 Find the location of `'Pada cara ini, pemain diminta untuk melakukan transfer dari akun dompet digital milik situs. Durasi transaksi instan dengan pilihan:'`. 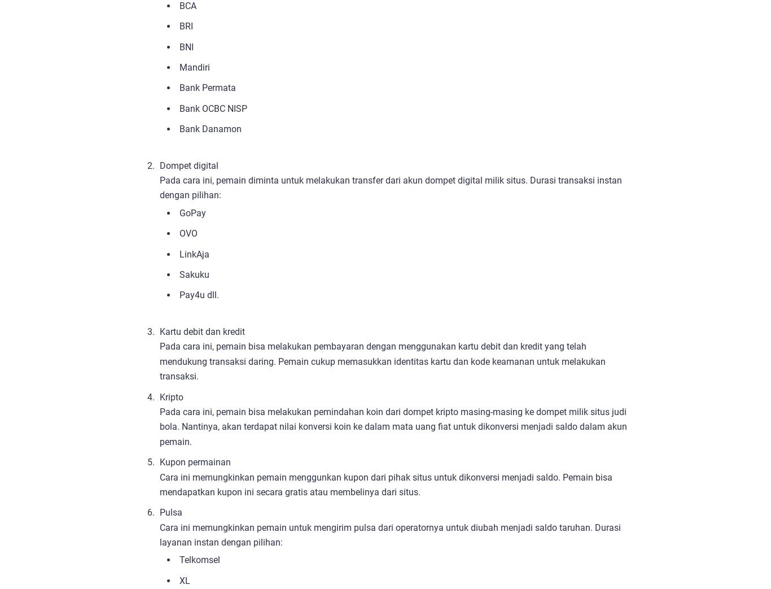

'Pada cara ini, pemain diminta untuk melakukan transfer dari akun dompet digital milik situs. Durasi transaksi instan dengan pilihan:' is located at coordinates (391, 187).